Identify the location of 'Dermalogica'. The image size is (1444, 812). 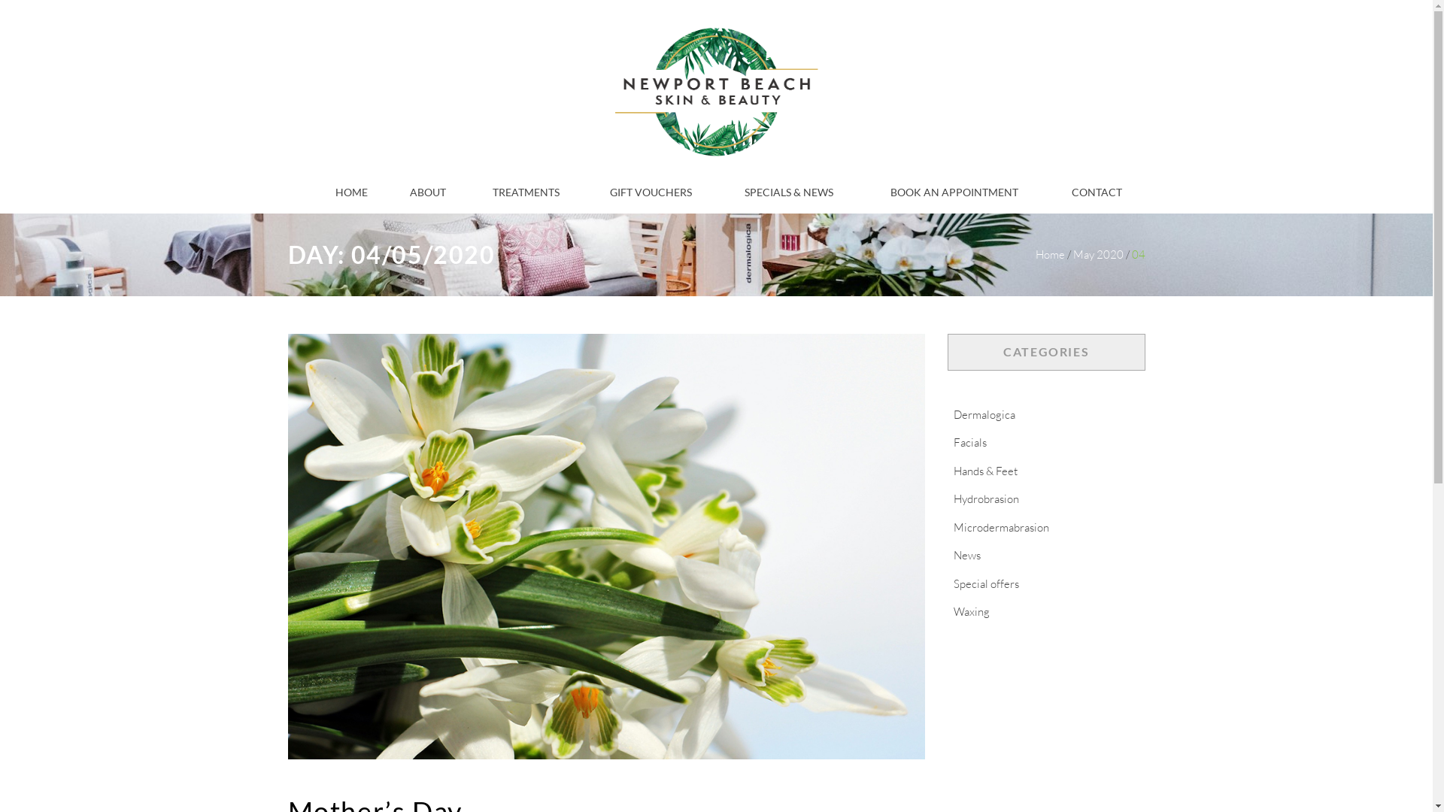
(984, 414).